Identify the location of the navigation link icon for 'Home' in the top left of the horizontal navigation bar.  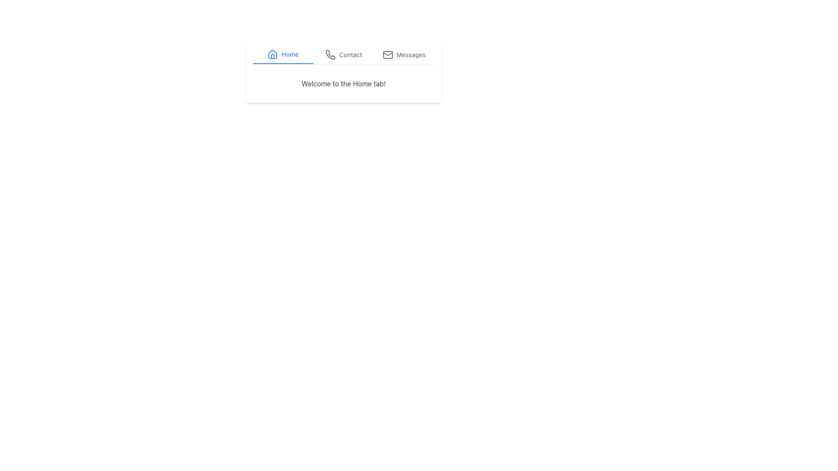
(283, 54).